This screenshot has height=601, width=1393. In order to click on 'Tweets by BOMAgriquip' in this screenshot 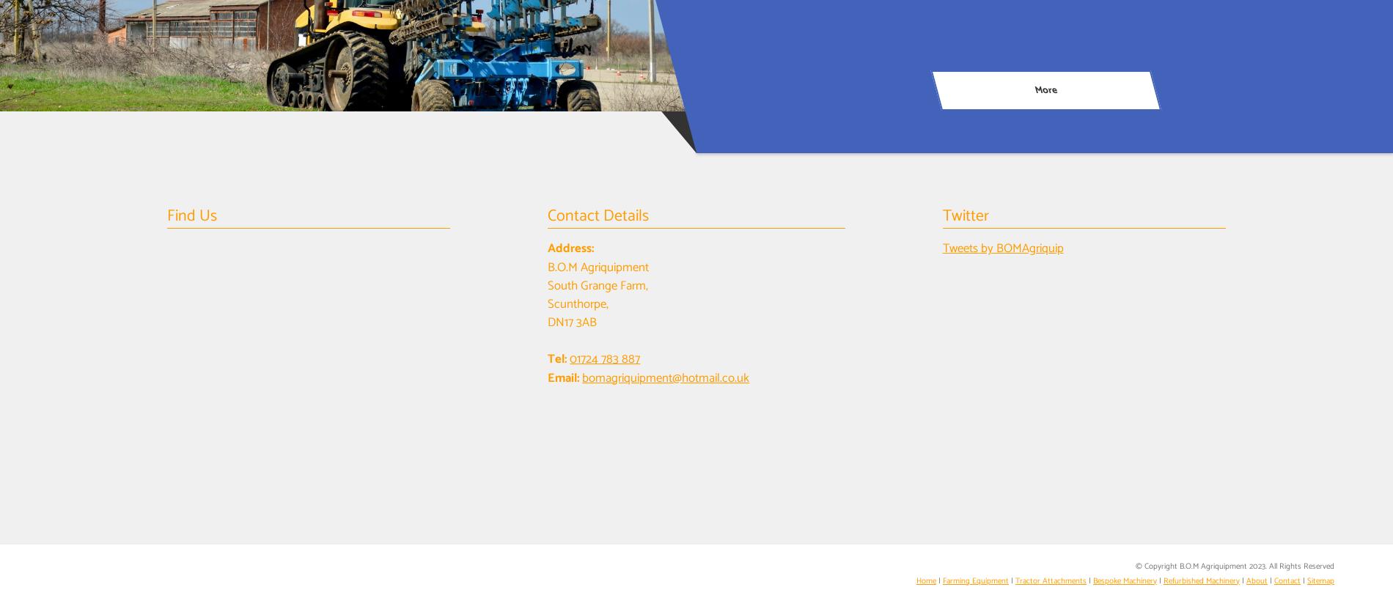, I will do `click(1001, 248)`.